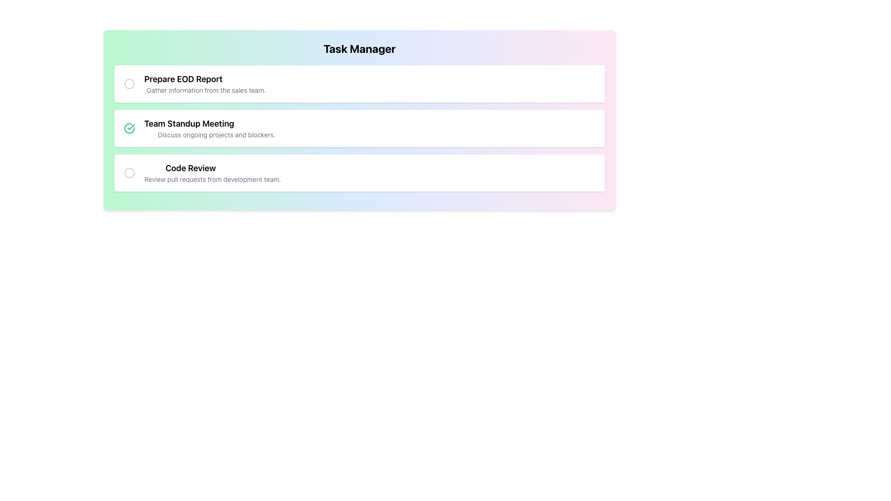 The width and height of the screenshot is (891, 501). Describe the element at coordinates (212, 173) in the screenshot. I see `the third task item in the Task Manager list` at that location.